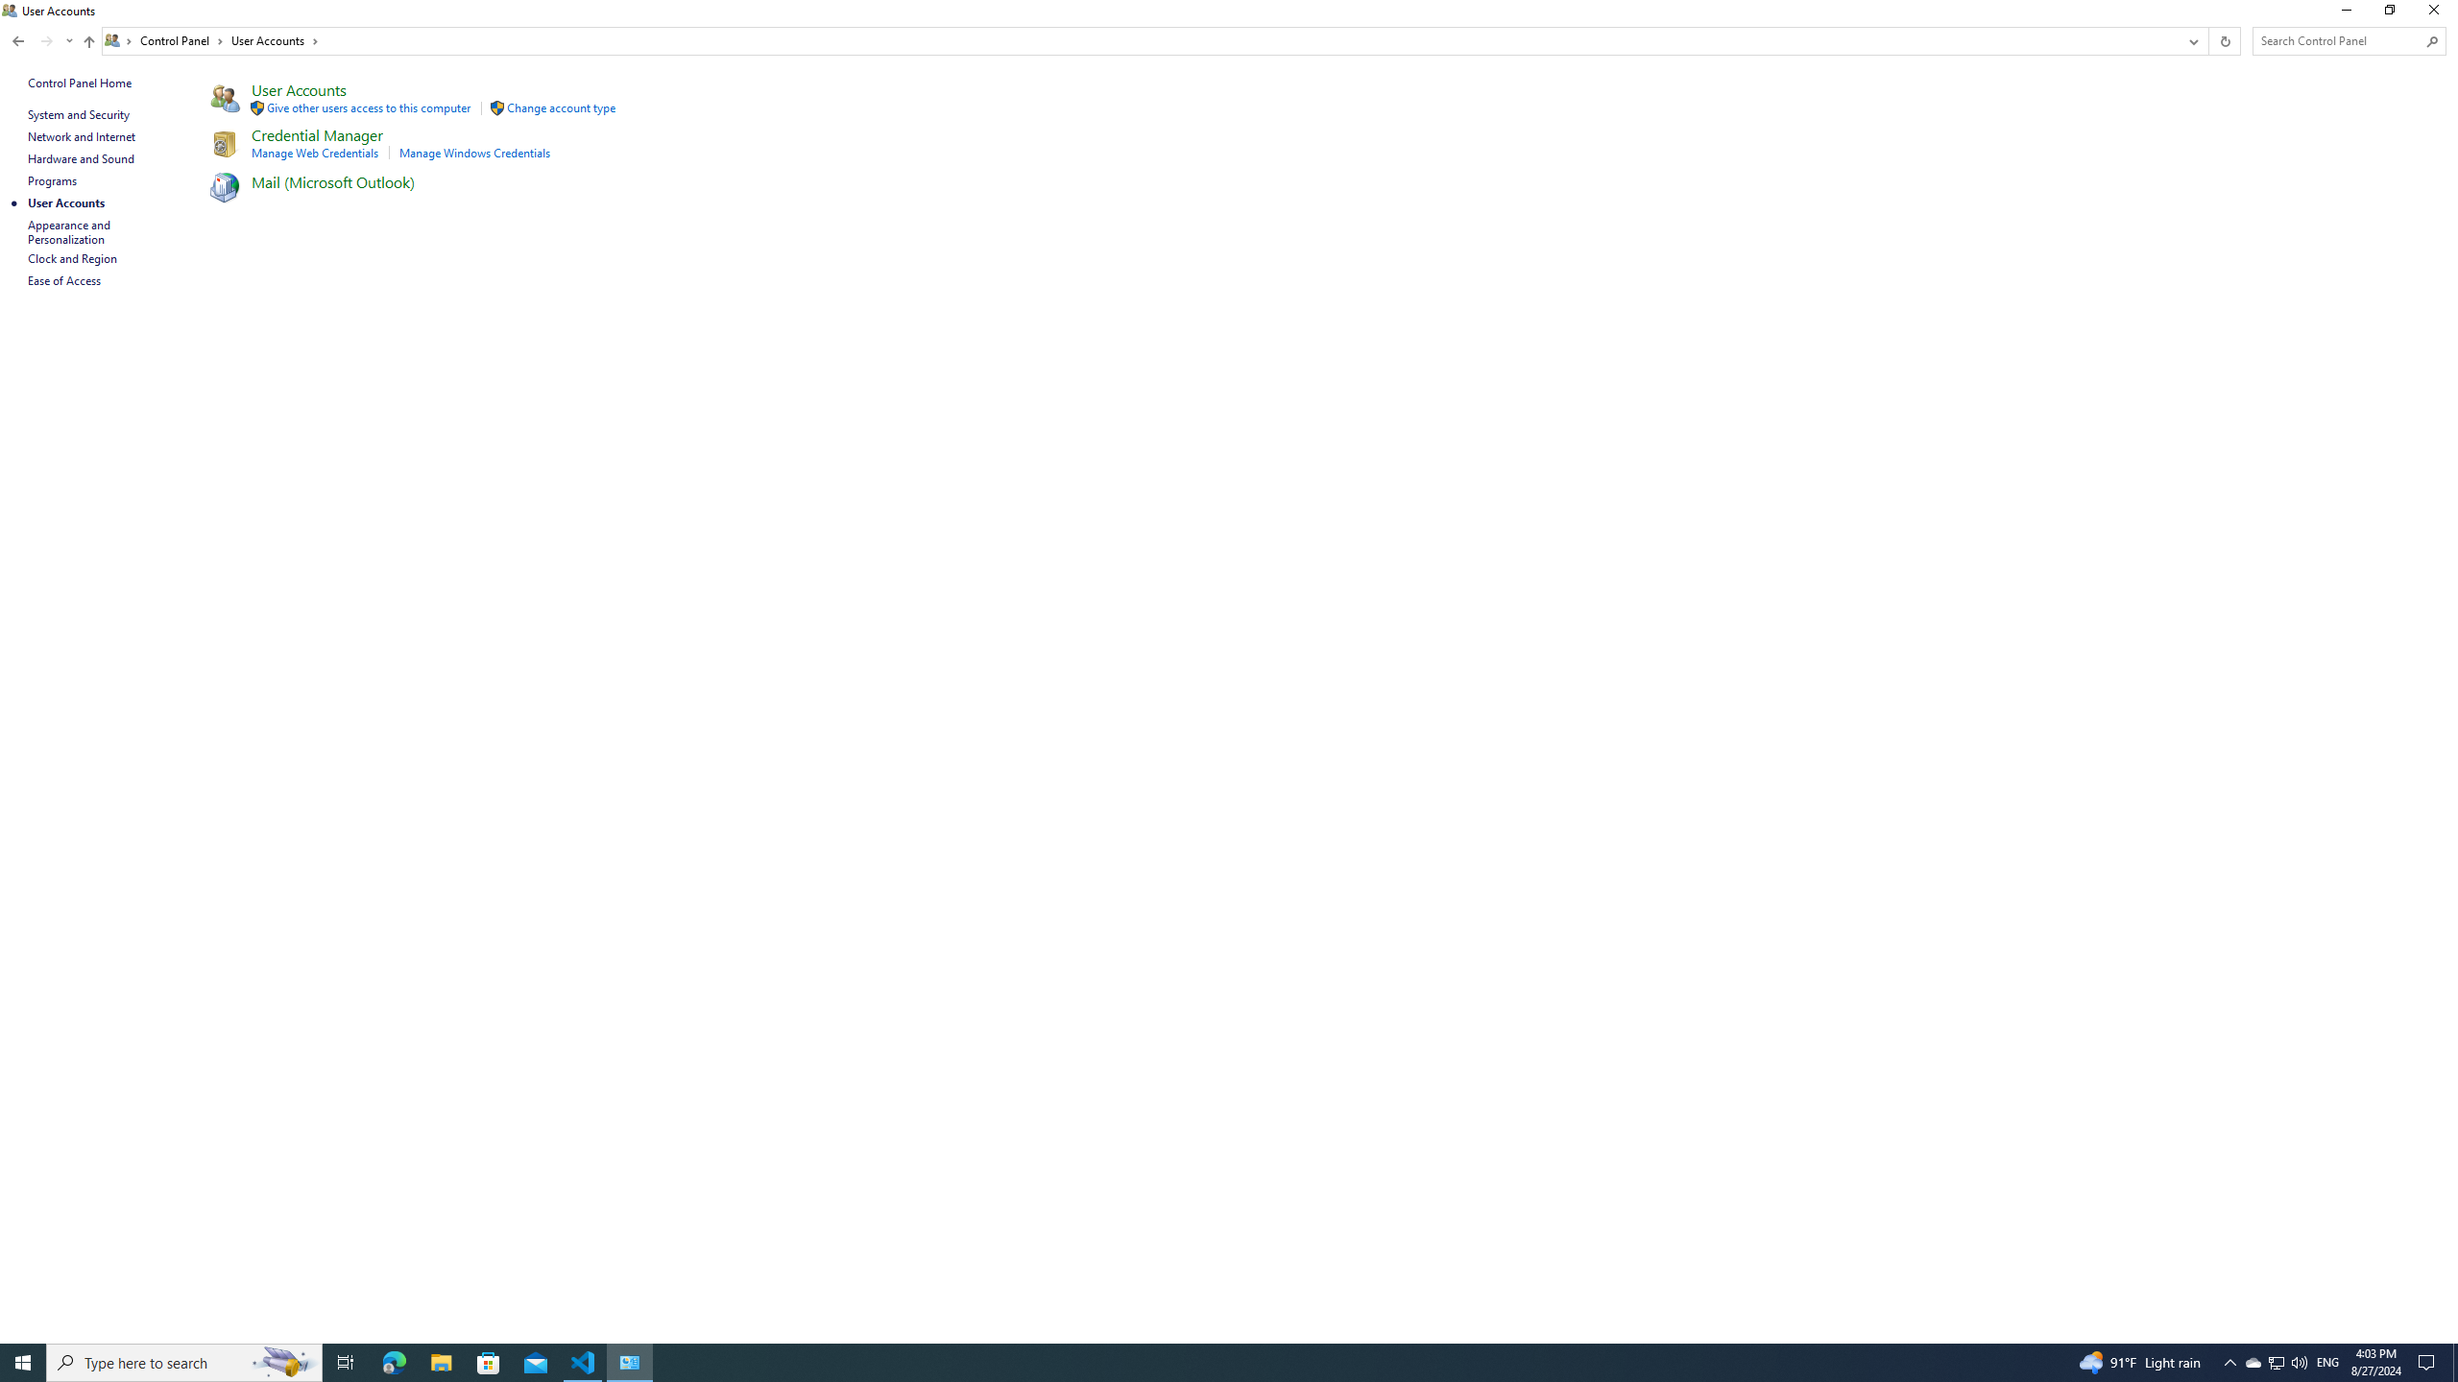 This screenshot has height=1382, width=2458. What do you see at coordinates (52, 179) in the screenshot?
I see `'Programs'` at bounding box center [52, 179].